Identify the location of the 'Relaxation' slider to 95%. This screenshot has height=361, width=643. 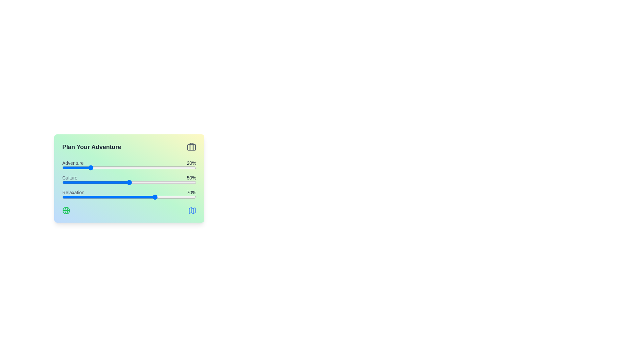
(189, 197).